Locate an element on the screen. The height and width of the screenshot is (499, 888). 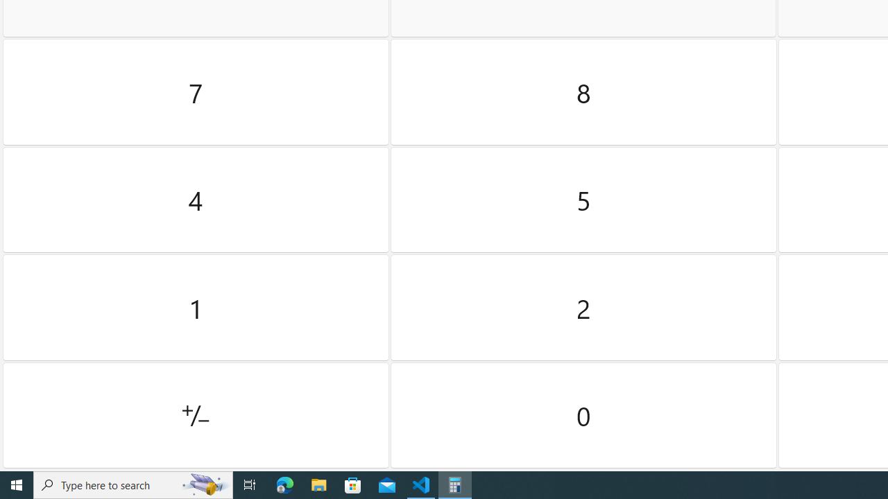
'Positive negative' is located at coordinates (195, 414).